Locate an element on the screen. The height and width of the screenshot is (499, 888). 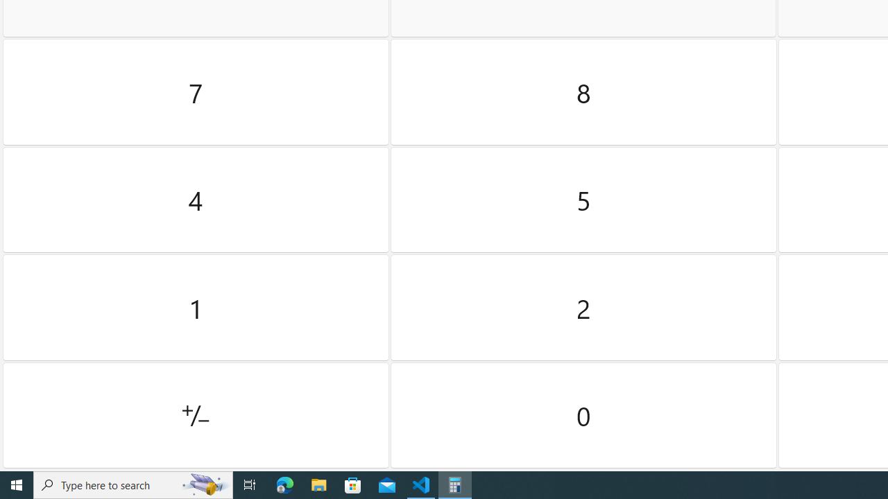
'Positive negative' is located at coordinates (195, 414).